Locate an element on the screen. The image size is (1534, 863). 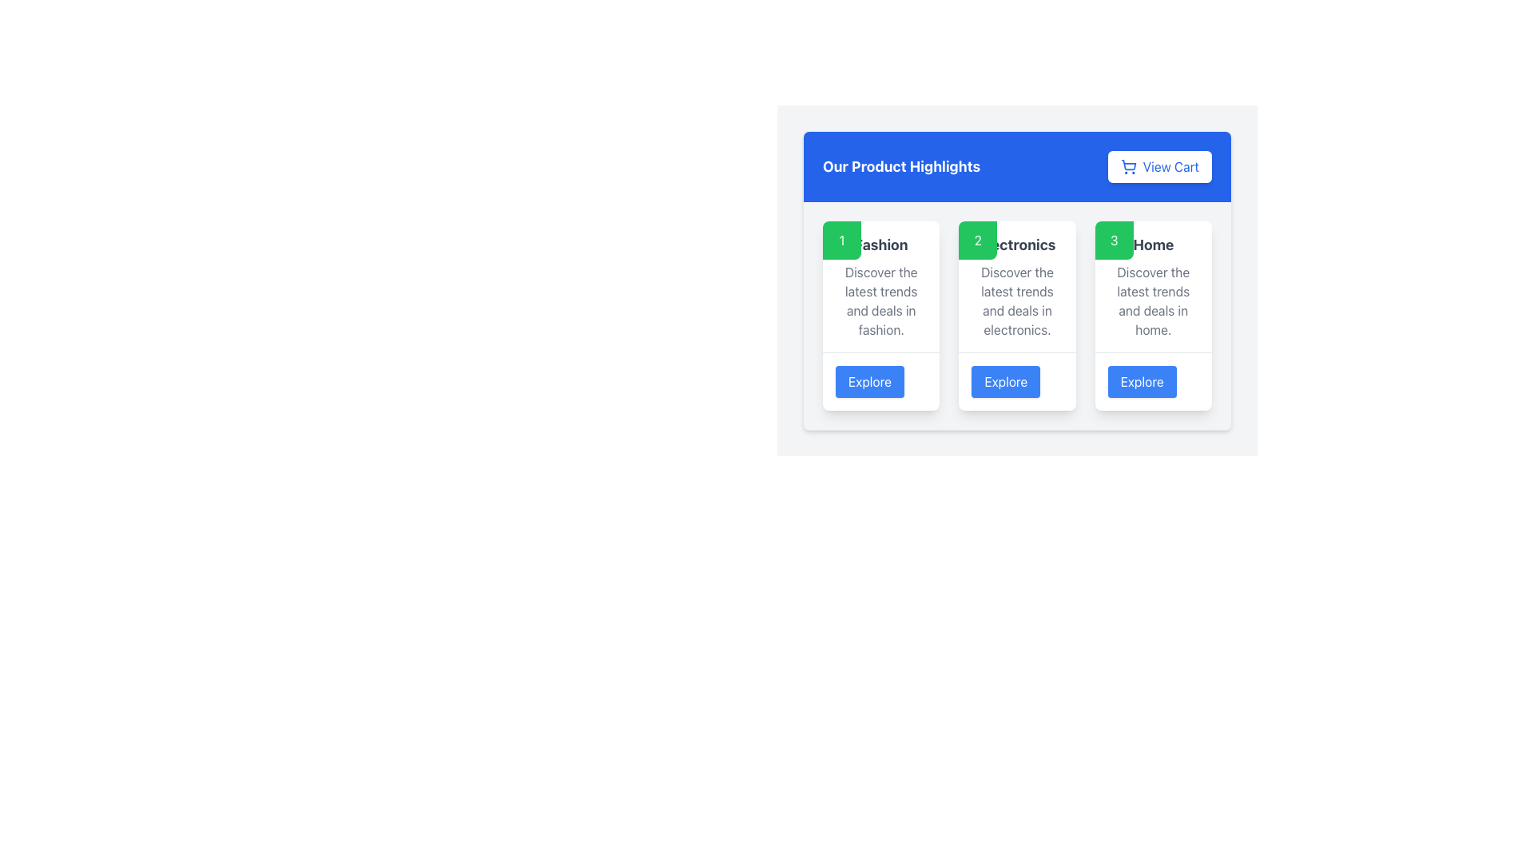
the text element providing descriptive information about electronics, located in the middle card of the three-card layout under 'Our Product Highlights', below 'Electronics', and above the 'Explore' button is located at coordinates (1016, 301).